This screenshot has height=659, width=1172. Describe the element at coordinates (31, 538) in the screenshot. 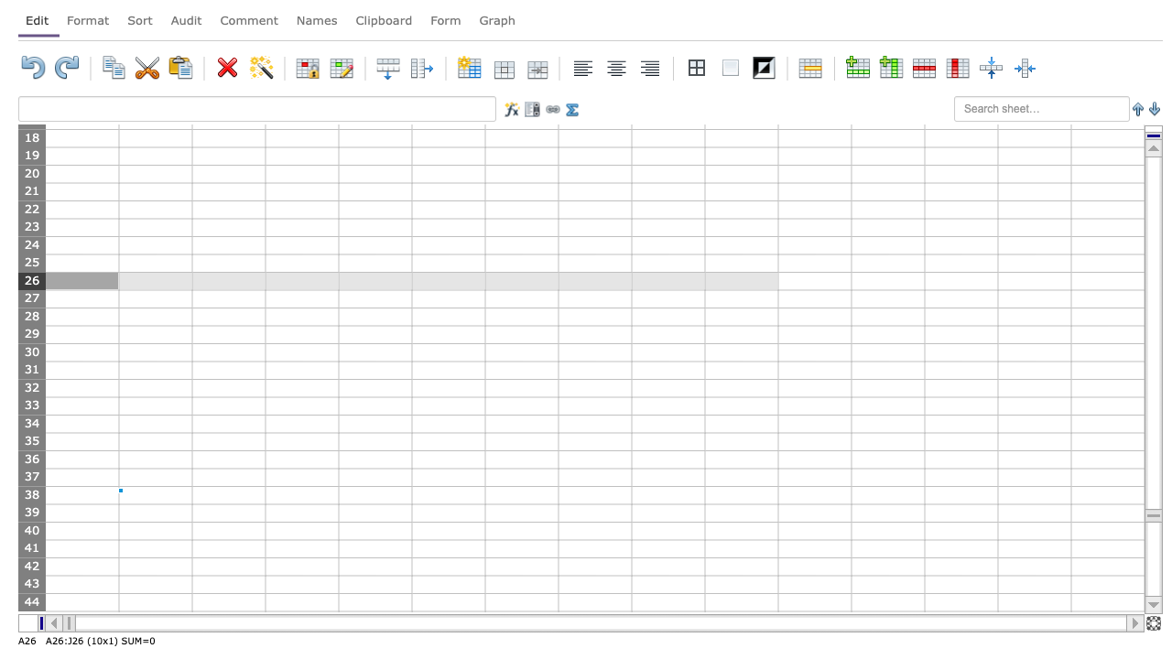

I see `row 40's resize area` at that location.